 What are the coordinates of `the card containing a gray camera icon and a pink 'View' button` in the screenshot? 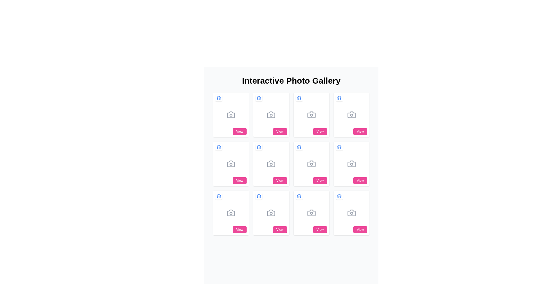 It's located at (231, 163).